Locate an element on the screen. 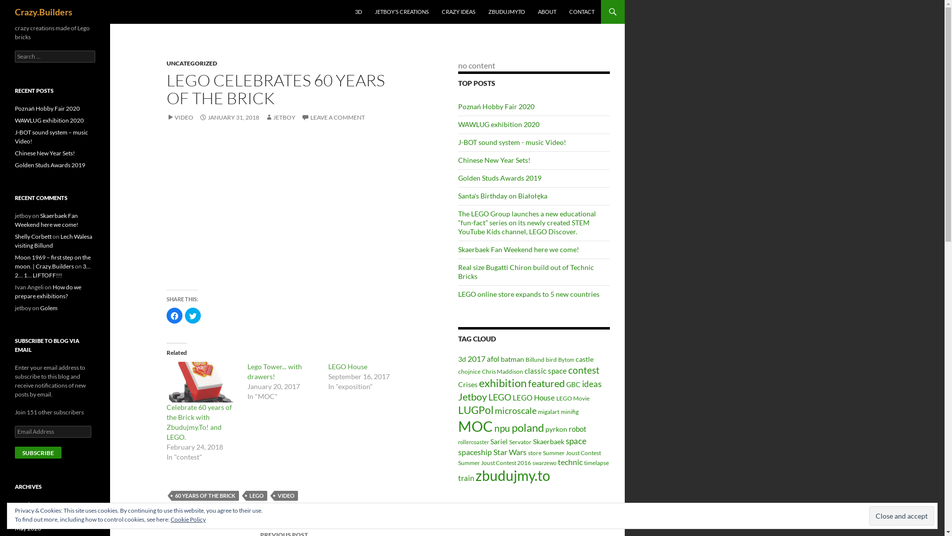 This screenshot has width=952, height=536. 'featured' is located at coordinates (546, 382).